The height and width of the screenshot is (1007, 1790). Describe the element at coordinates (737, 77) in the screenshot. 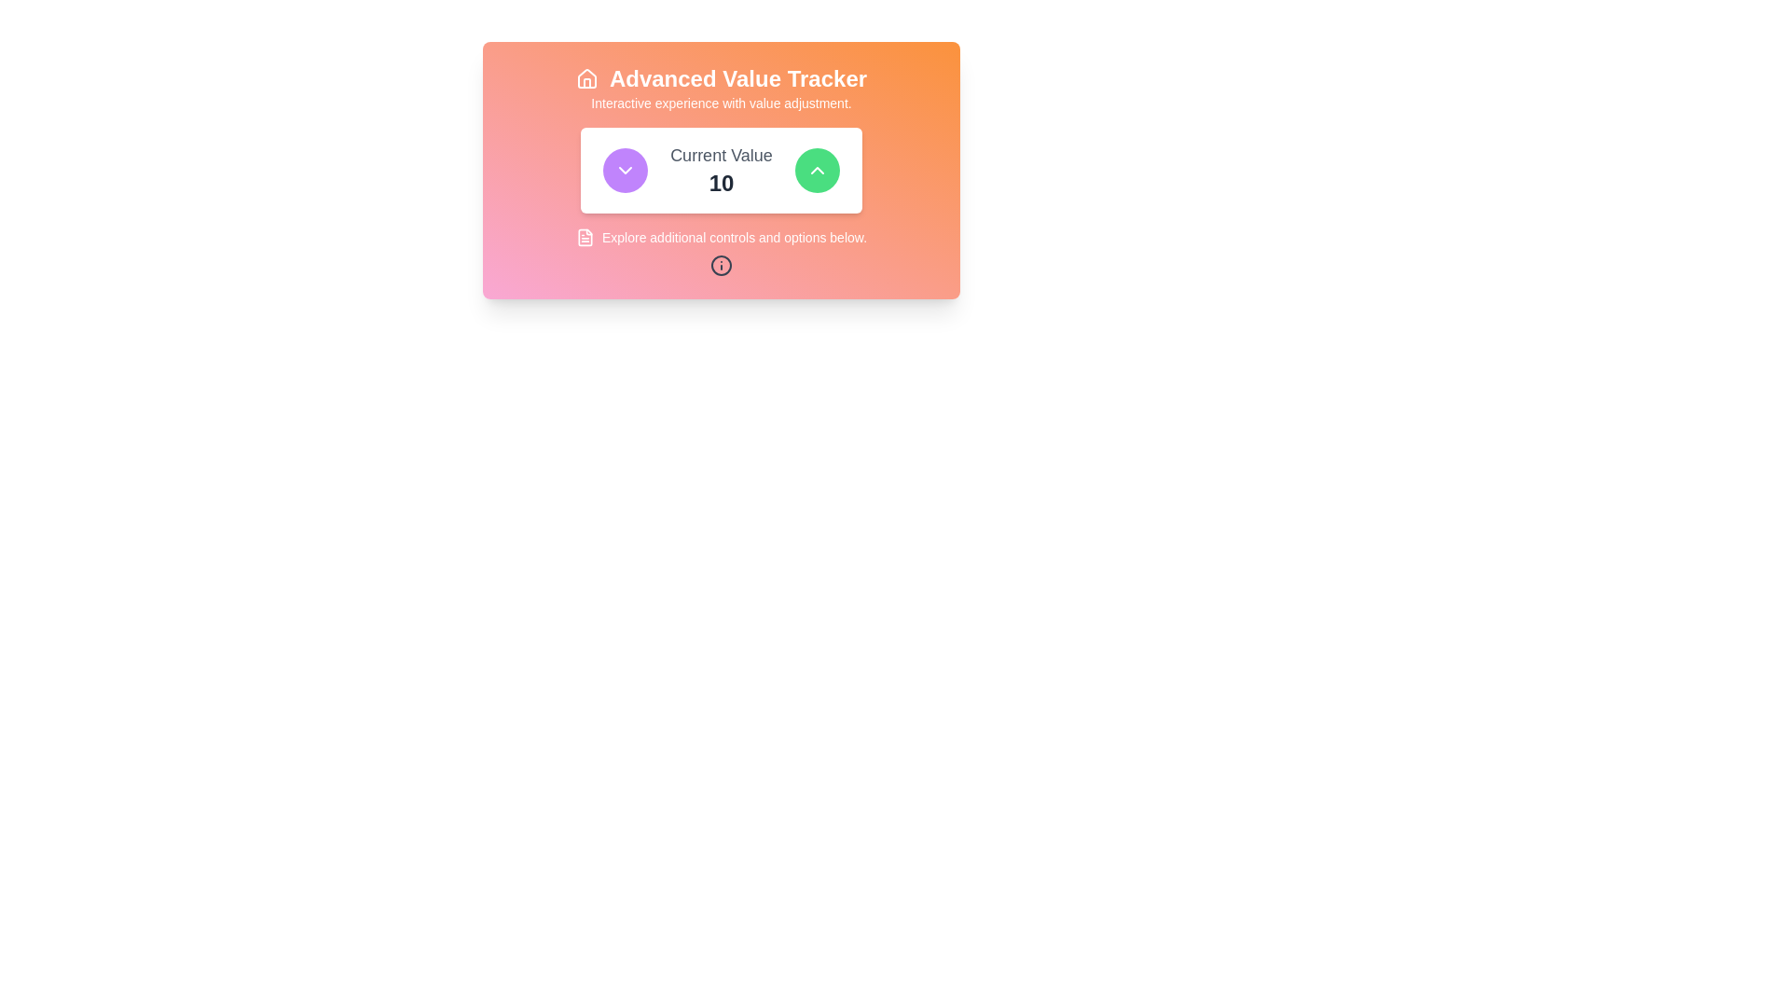

I see `the text label heading that serves as a prominent title for the interface, positioned centrally to the right of a white house-shaped icon` at that location.